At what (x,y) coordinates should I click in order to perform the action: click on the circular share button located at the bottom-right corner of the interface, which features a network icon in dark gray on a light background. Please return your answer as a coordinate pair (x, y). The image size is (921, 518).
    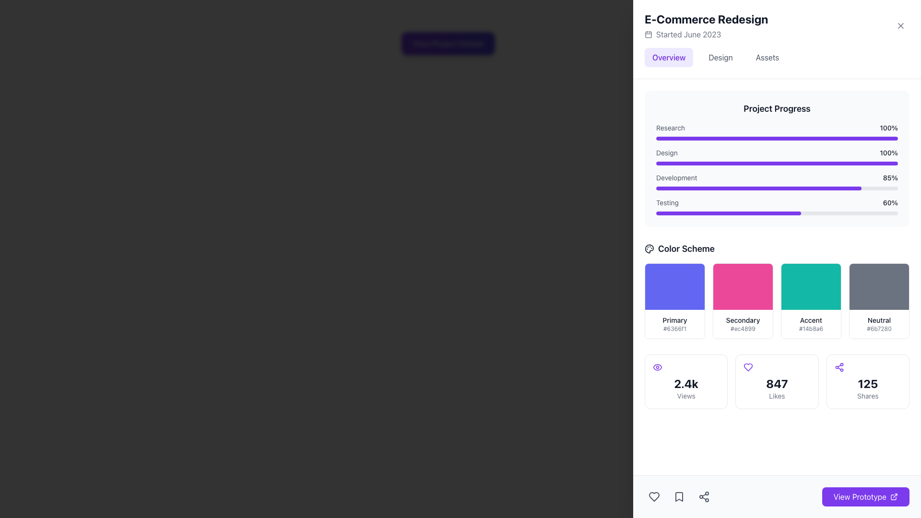
    Looking at the image, I should click on (704, 496).